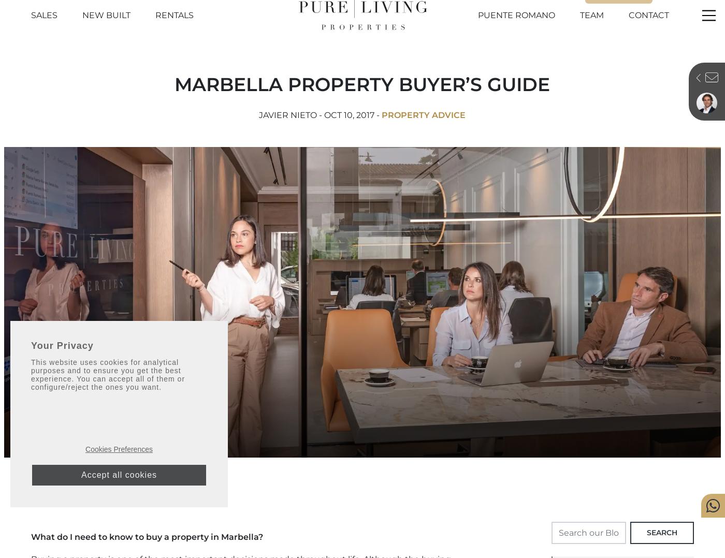  I want to click on '0', so click(589, 5).